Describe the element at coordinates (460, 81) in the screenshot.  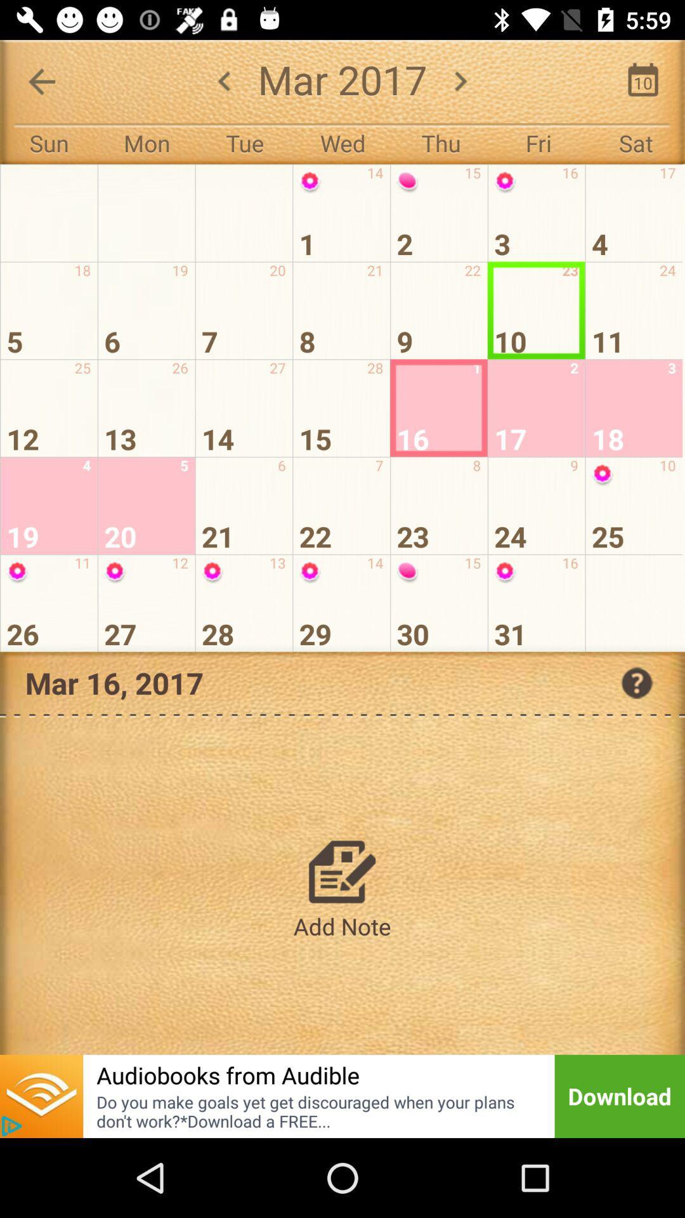
I see `the arrow_forward icon` at that location.